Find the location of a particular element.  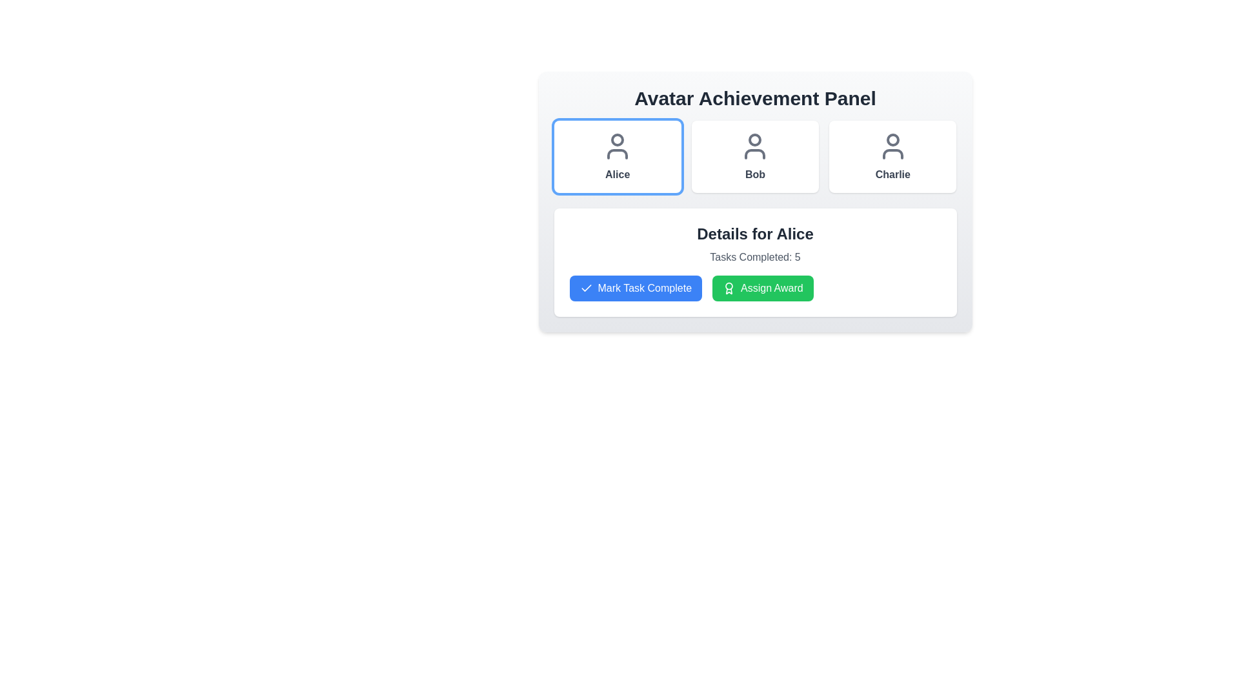

the award icon embedded within the 'Assign Award' button located in the bottom-right corner of the 'Details for Alice' card is located at coordinates (729, 288).